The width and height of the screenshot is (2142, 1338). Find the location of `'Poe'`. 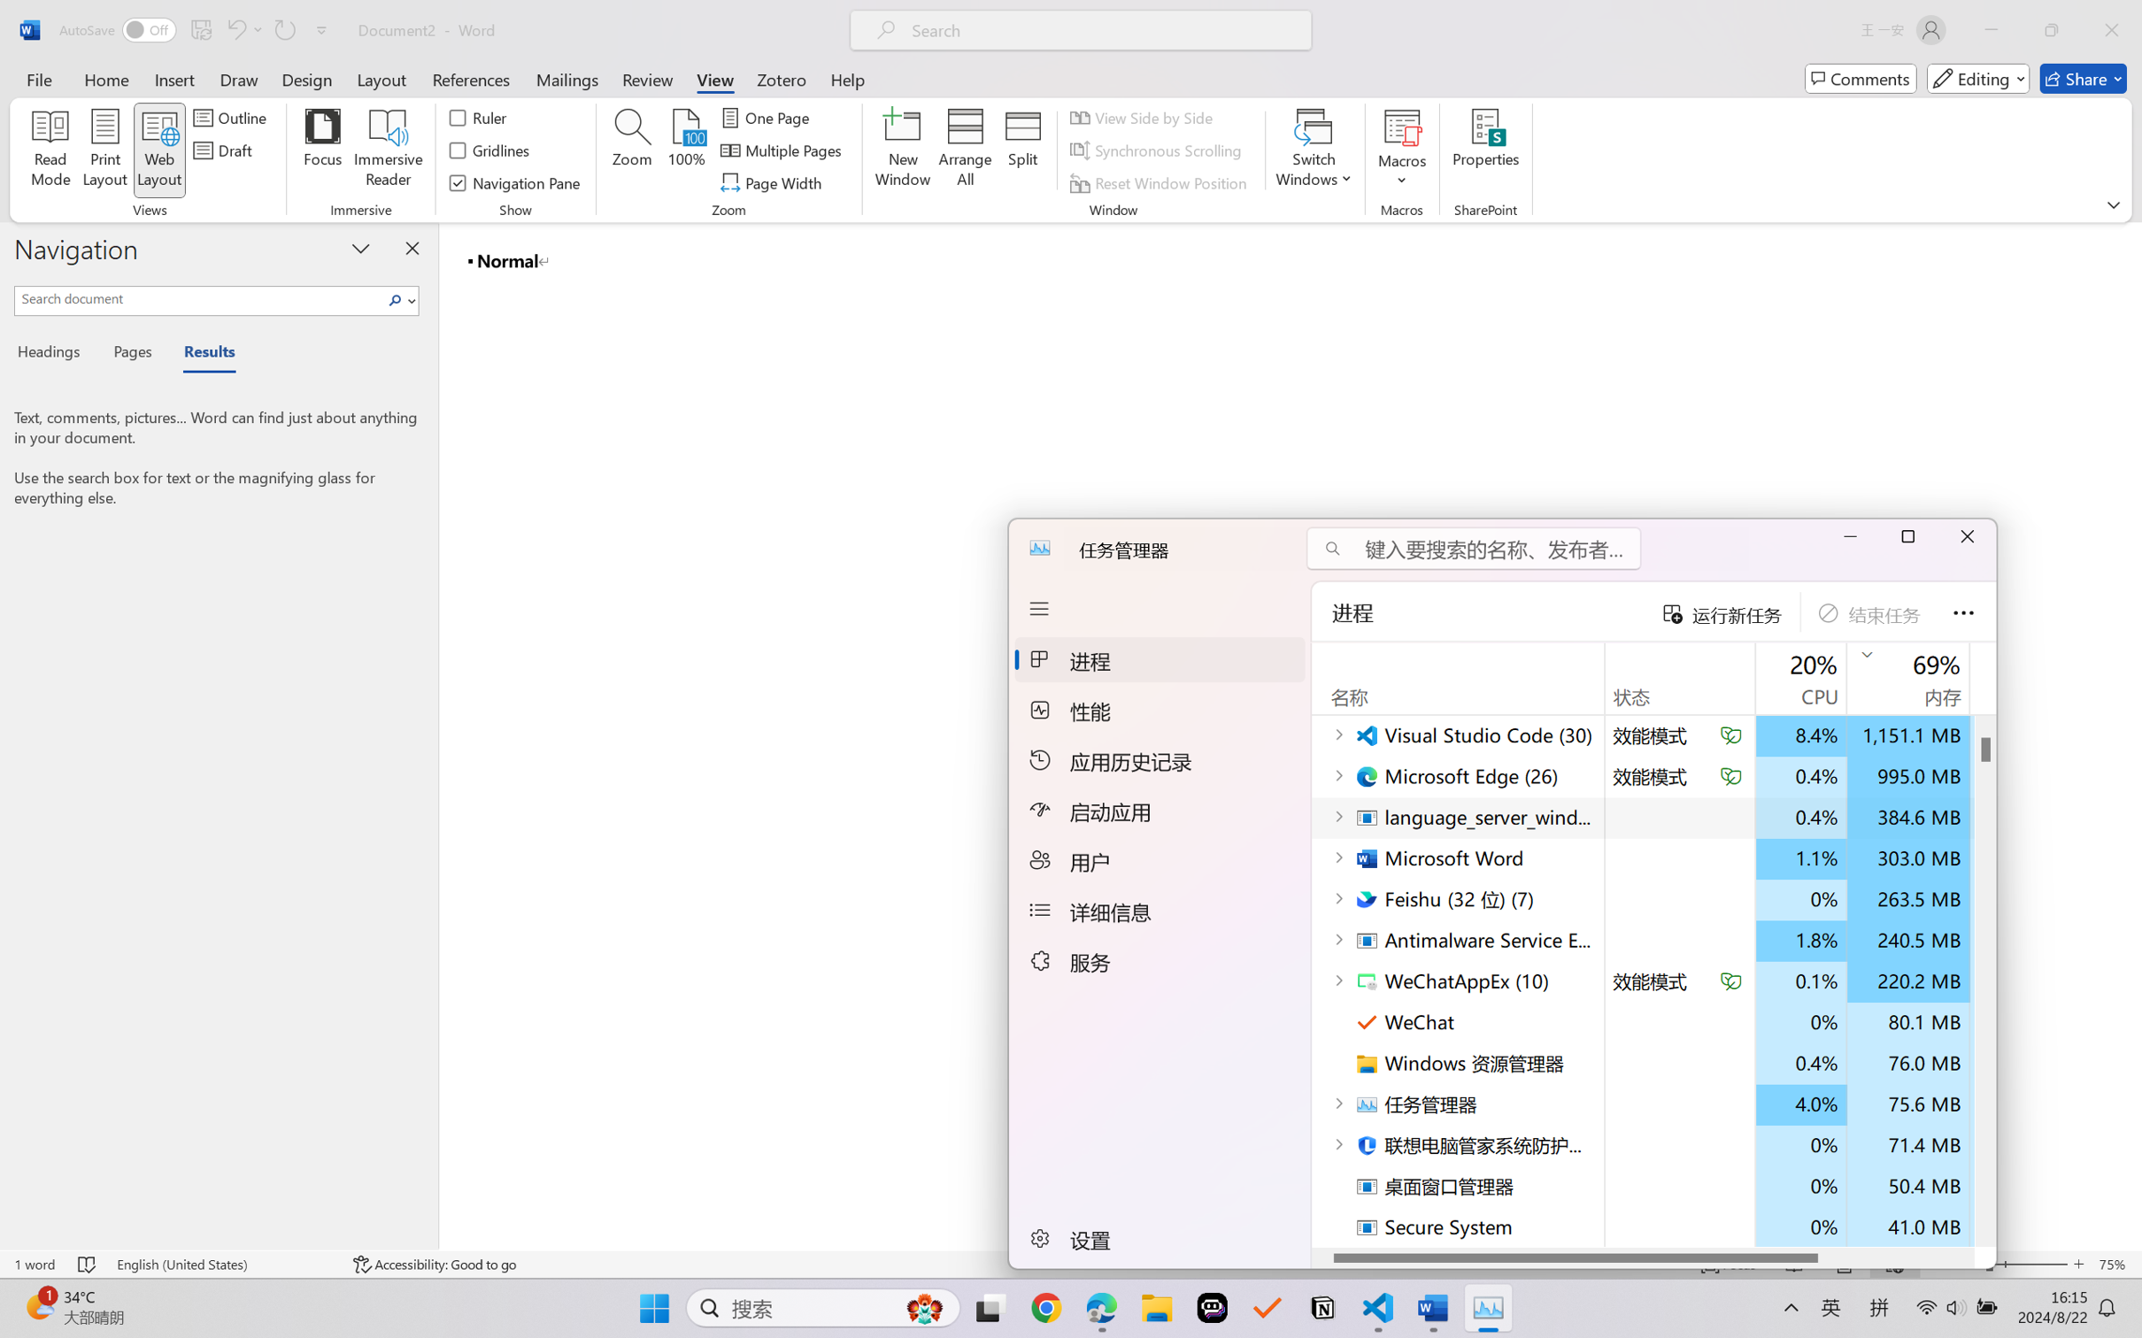

'Poe' is located at coordinates (1211, 1308).